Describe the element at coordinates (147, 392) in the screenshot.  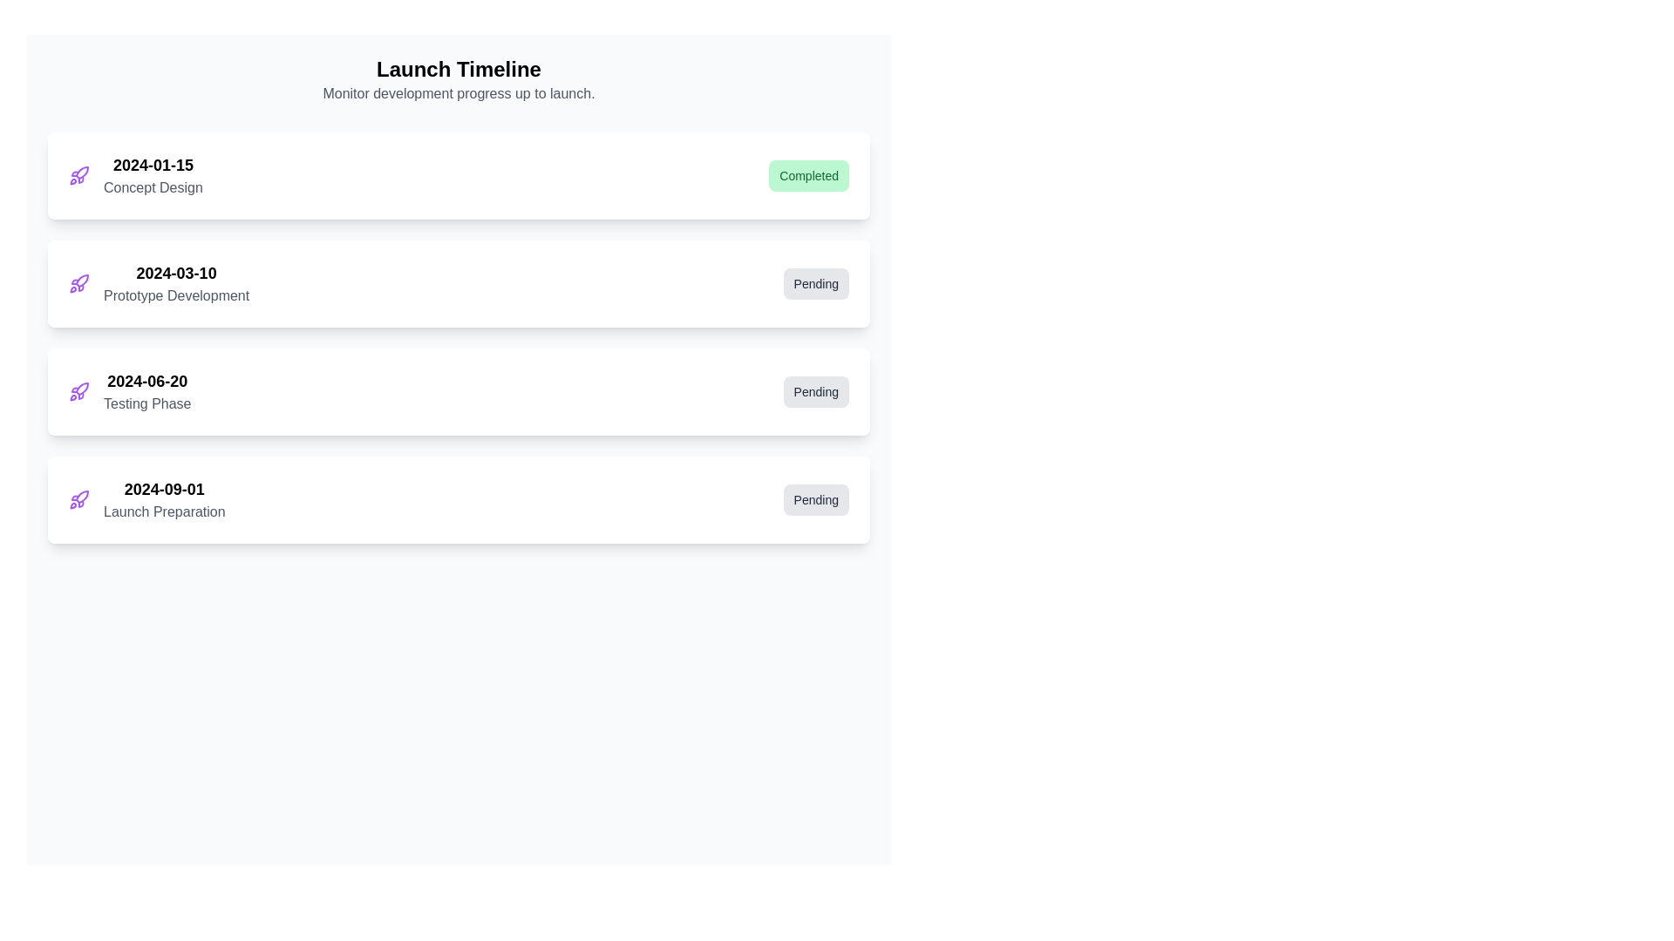
I see `text content of the static text element displaying the date '2024-06-20' and 'Testing Phase' in a white rectangular card with a purple rocket icon next to it` at that location.